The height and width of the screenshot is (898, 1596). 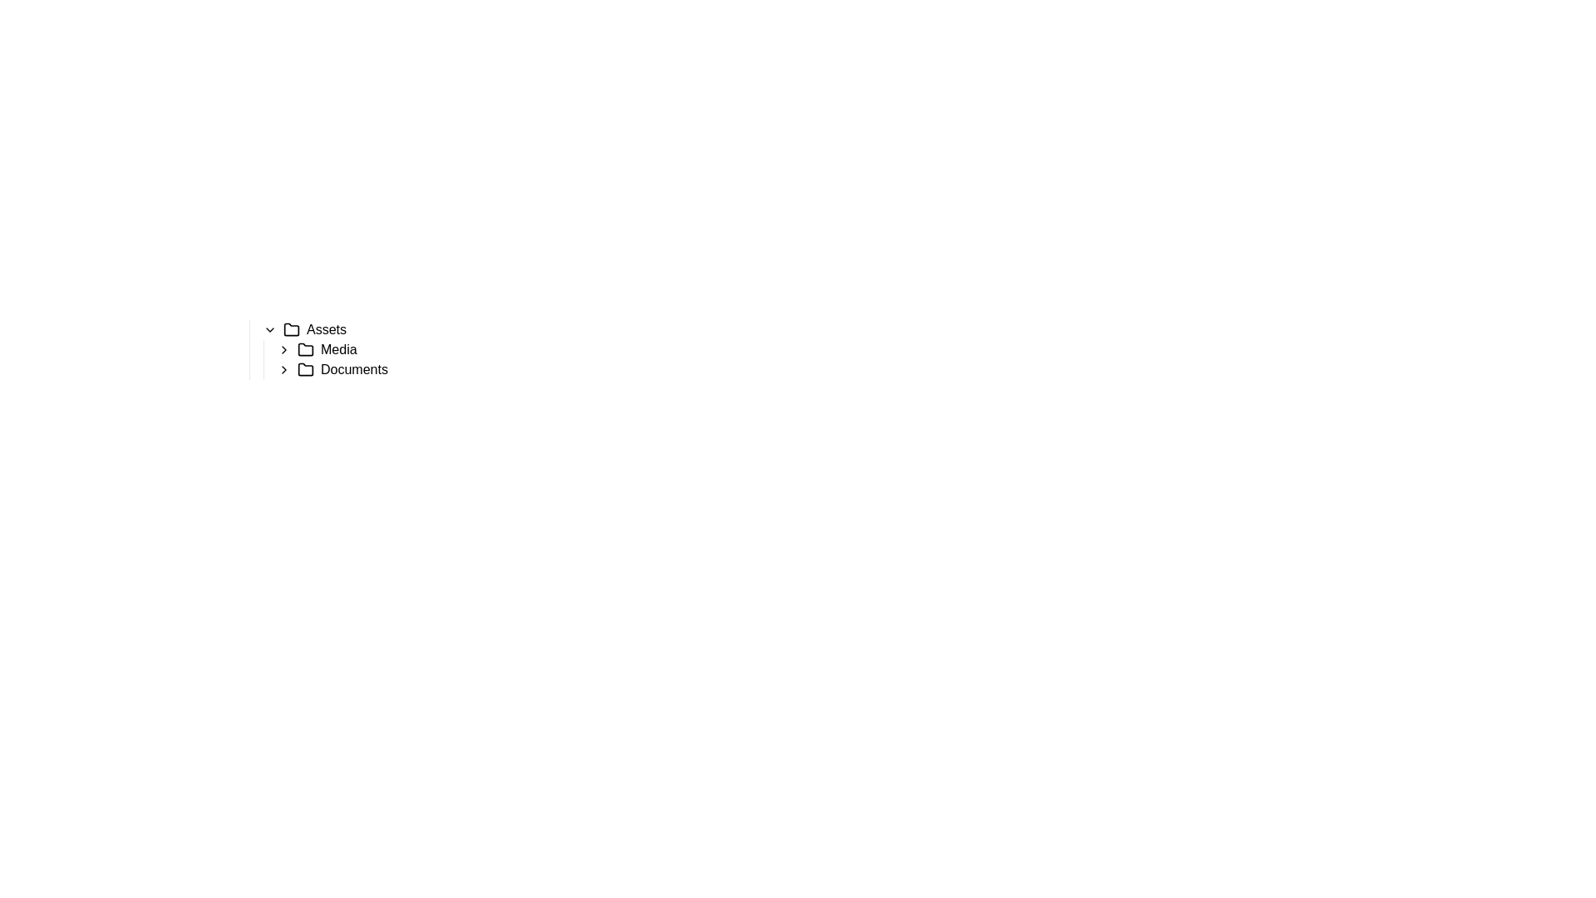 I want to click on the 'Documents' directory icon located under the 'Documents' label, so click(x=306, y=368).